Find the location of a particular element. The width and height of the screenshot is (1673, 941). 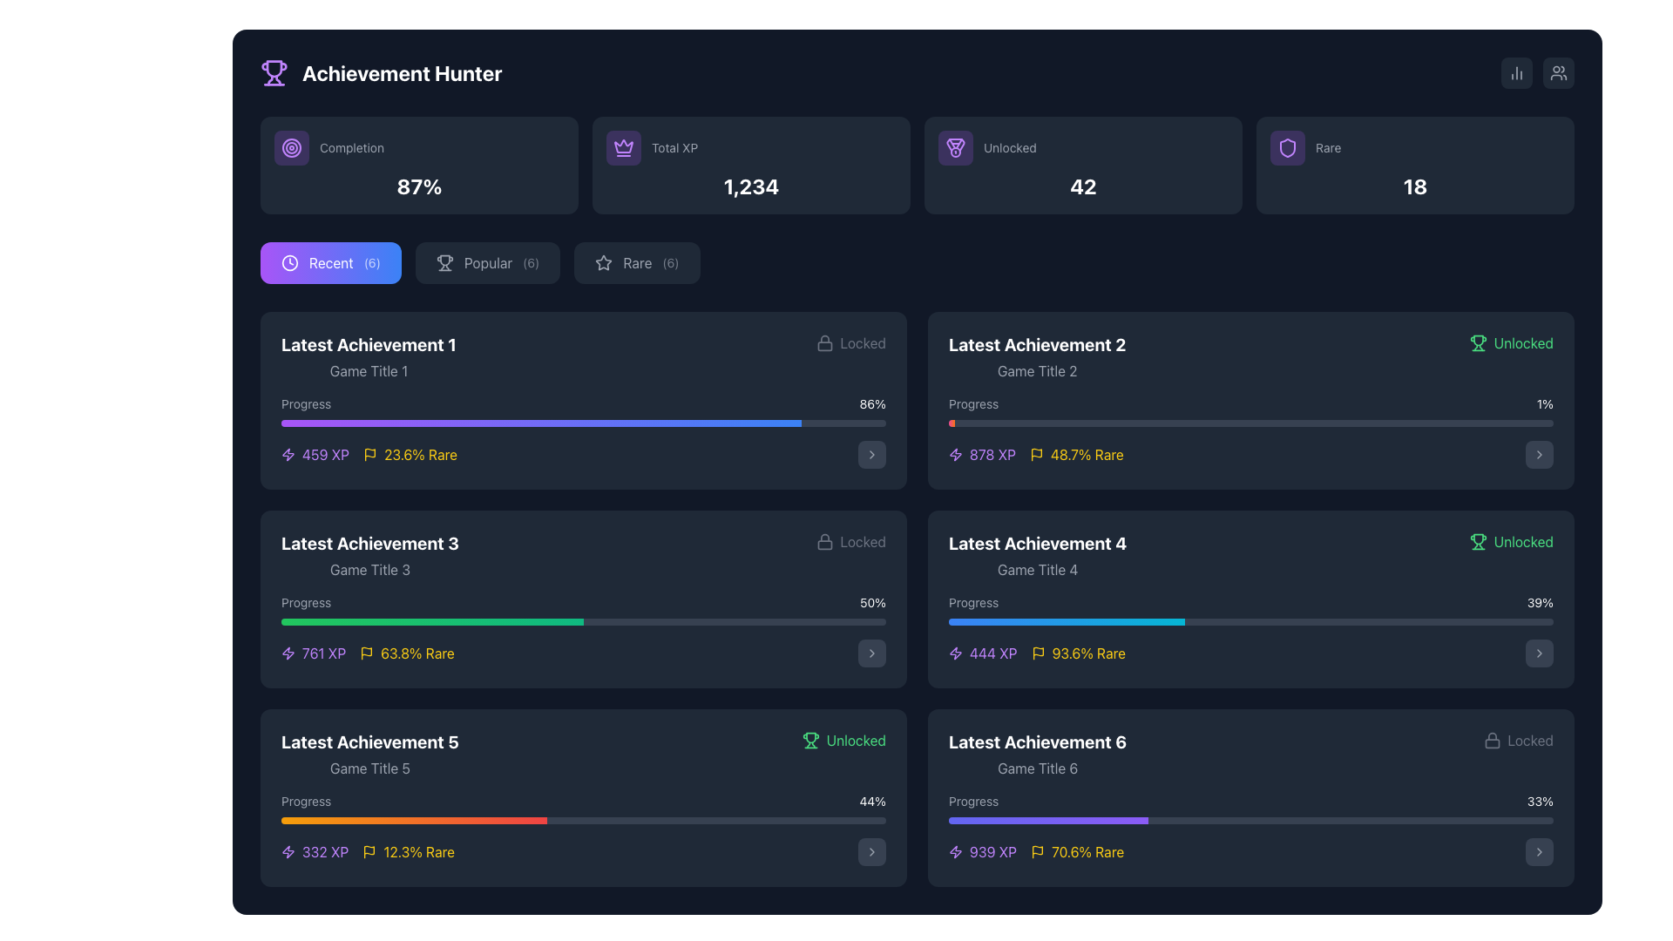

the 'Progress' text label displayed in light gray color, positioned on a dark blue background, located within the 'Latest Achievement 2' box, just below the title and above a progress bar is located at coordinates (972, 403).